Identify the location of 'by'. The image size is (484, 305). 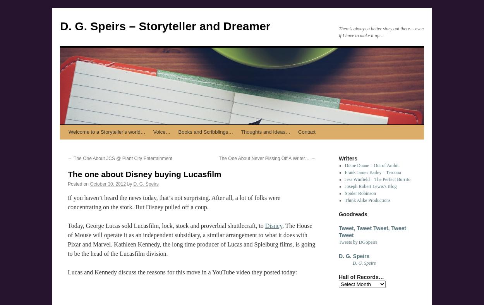
(127, 184).